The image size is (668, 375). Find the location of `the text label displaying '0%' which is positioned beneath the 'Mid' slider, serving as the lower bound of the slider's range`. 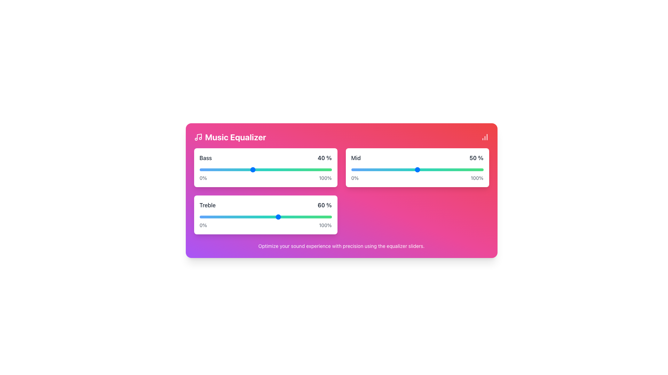

the text label displaying '0%' which is positioned beneath the 'Mid' slider, serving as the lower bound of the slider's range is located at coordinates (355, 178).